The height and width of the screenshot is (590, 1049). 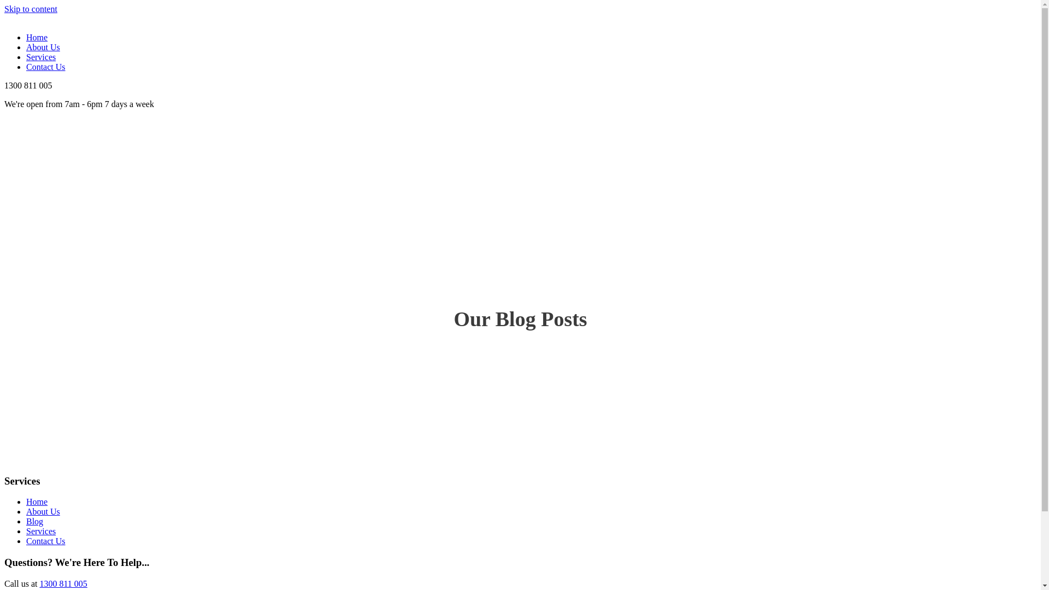 I want to click on 'Home', so click(x=37, y=37).